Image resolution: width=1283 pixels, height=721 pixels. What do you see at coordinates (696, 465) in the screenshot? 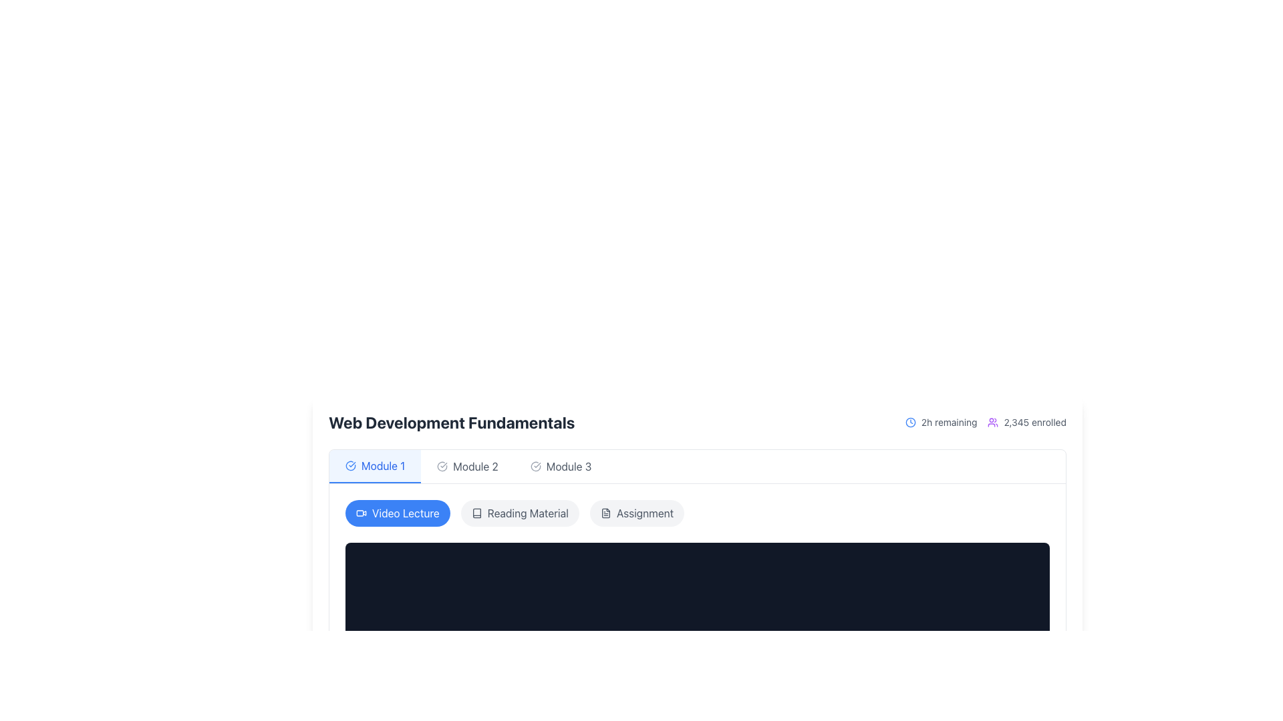
I see `the horizontal navigation bar` at bounding box center [696, 465].